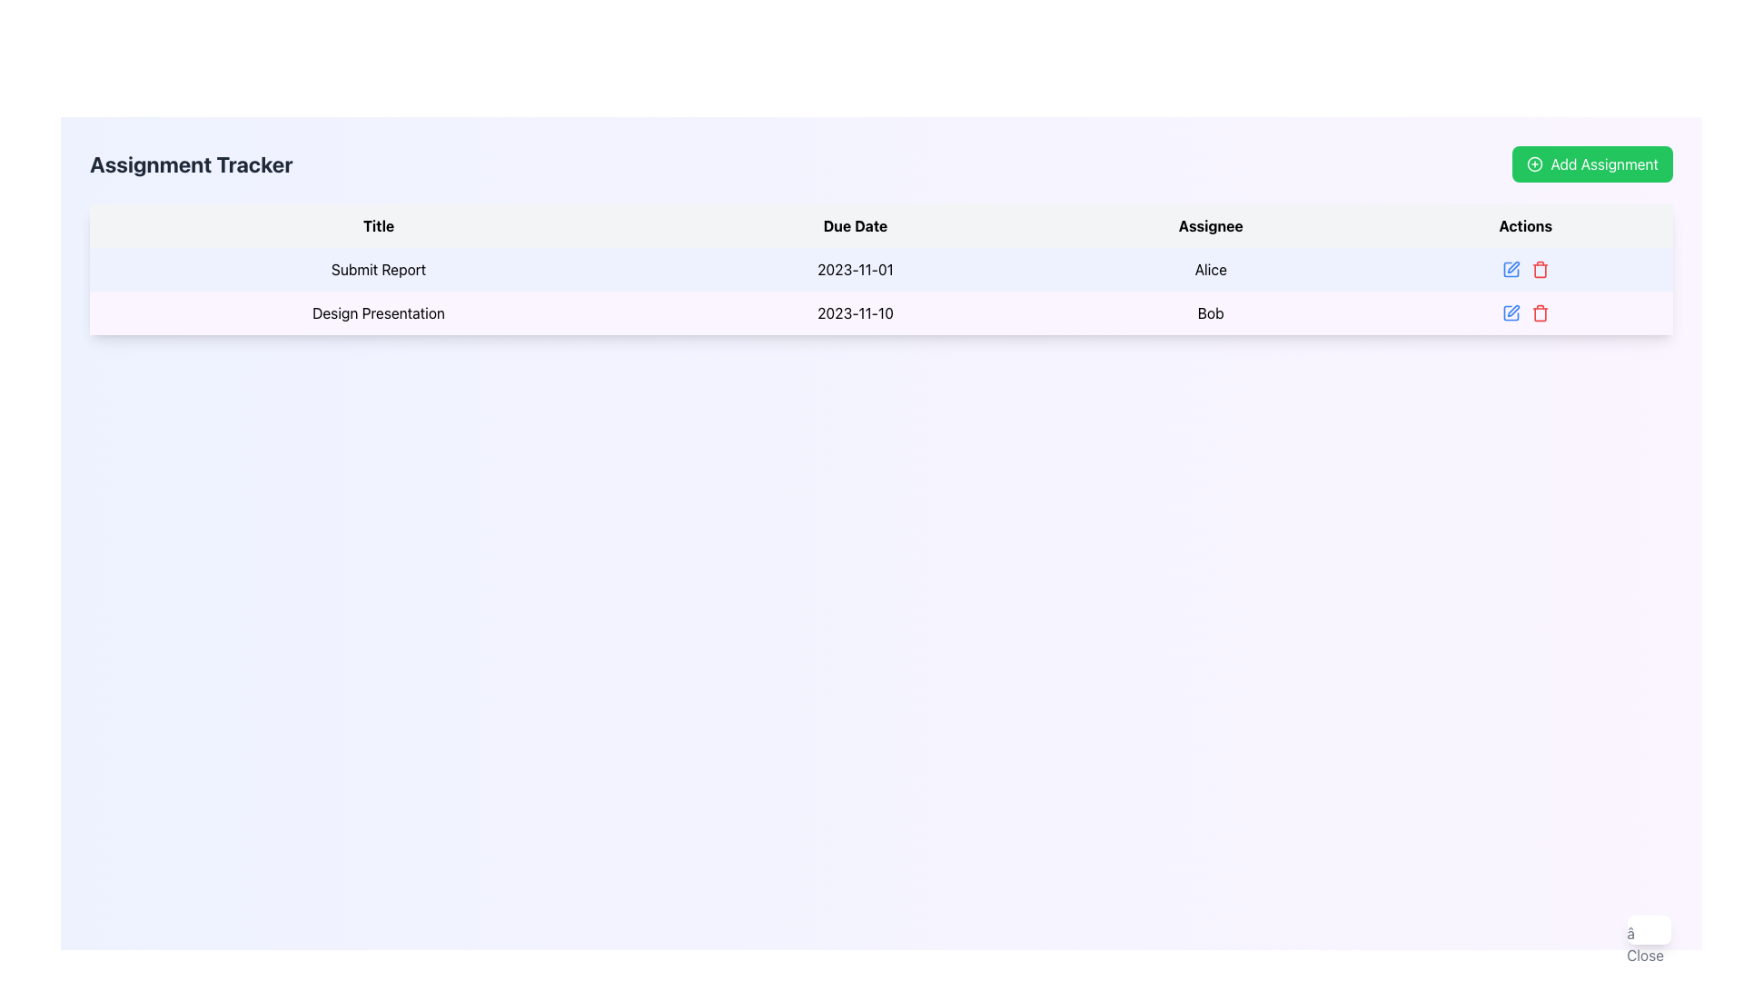 The width and height of the screenshot is (1744, 981). I want to click on the text label representing the title of the task or report in the first column of the 'Submit Report' row, so click(378, 270).